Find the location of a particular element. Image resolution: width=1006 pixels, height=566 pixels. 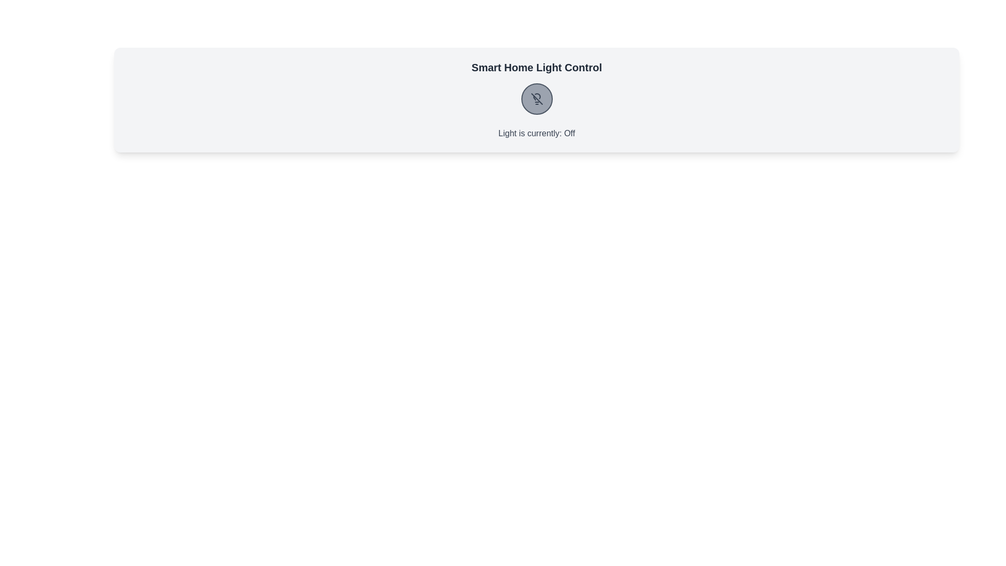

the light toggle button to change its state is located at coordinates (537, 99).